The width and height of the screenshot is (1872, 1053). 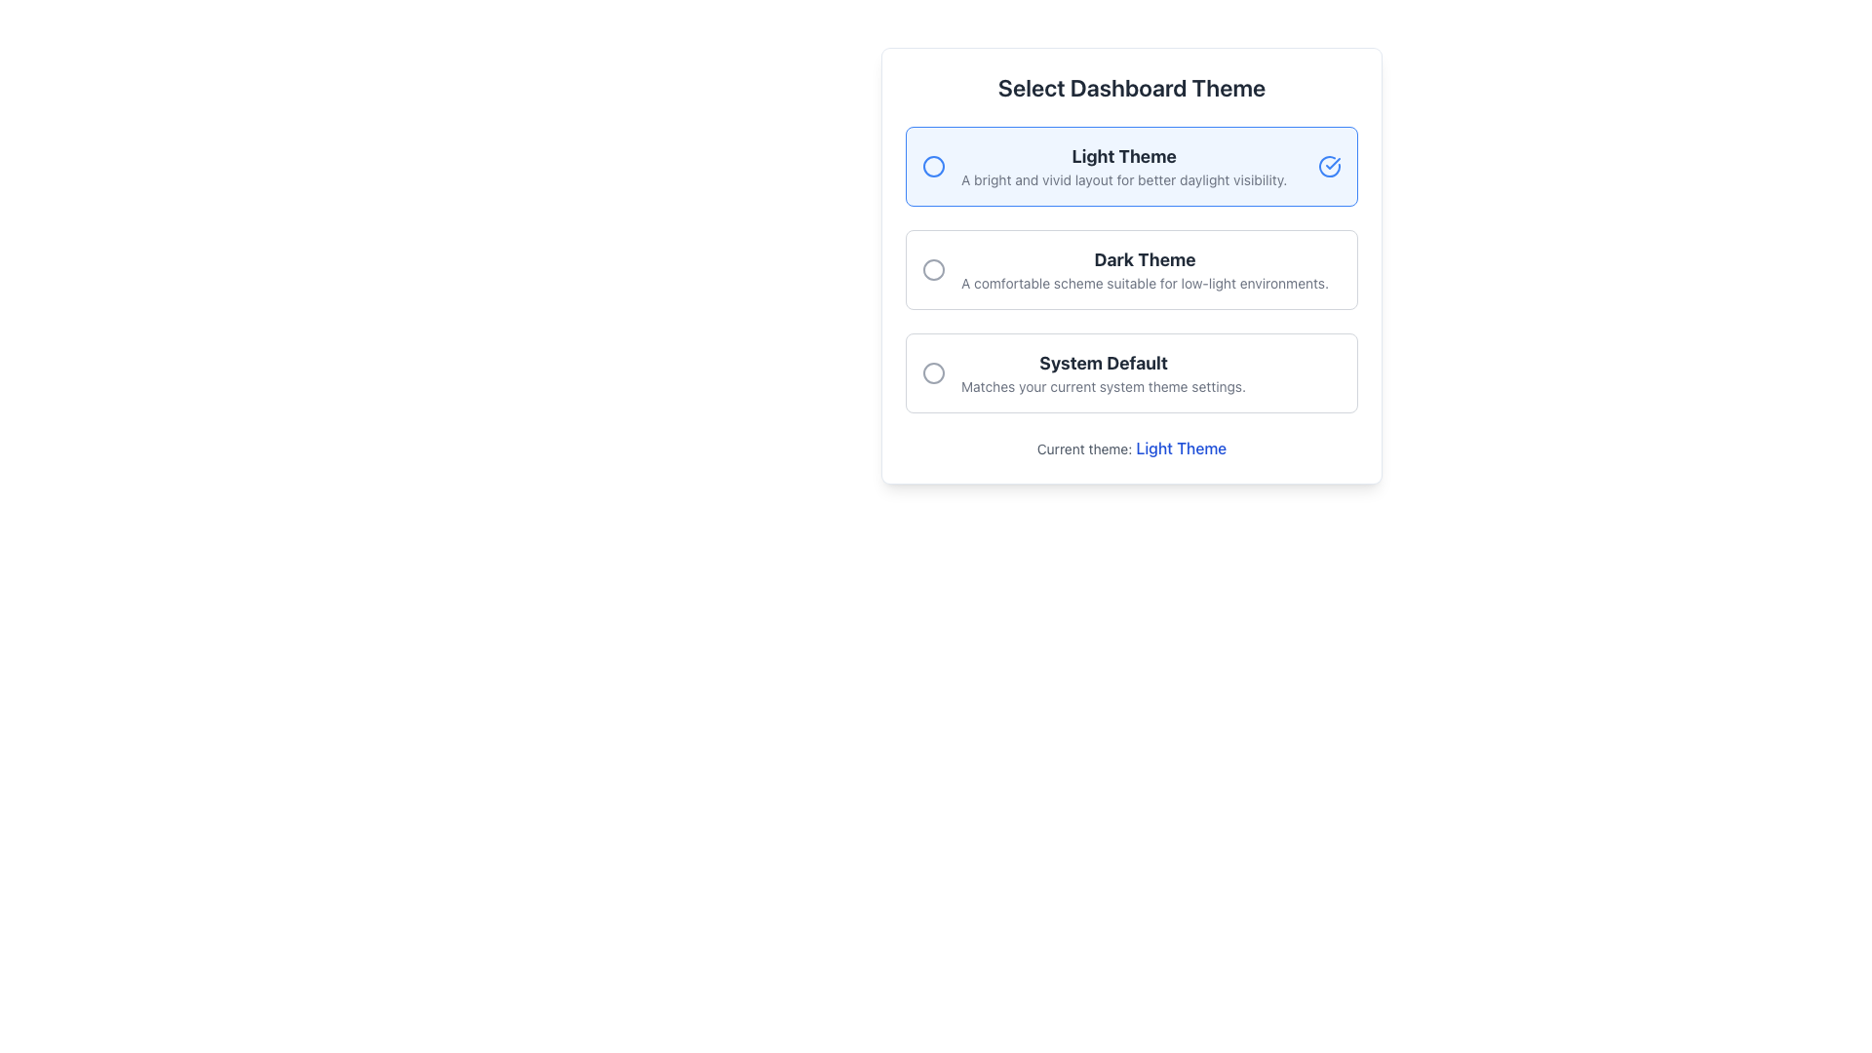 I want to click on descriptive text of the 'Light Theme' label, which is the first textual item in the 'Select Dashboard Theme' dialog box, positioned between a blue icon and a blue checkmark icon, so click(x=1124, y=165).